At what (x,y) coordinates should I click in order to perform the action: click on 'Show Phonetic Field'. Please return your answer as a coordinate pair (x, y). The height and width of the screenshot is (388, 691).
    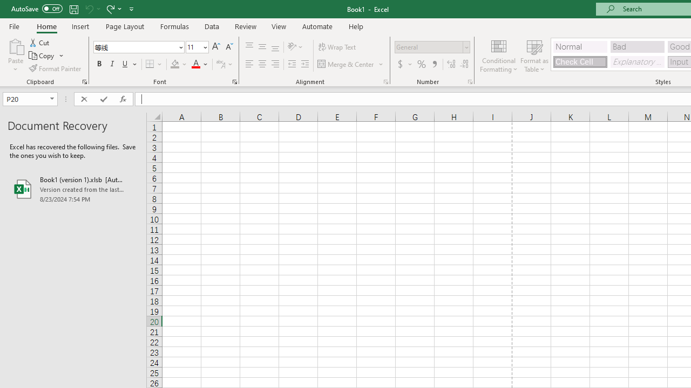
    Looking at the image, I should click on (220, 64).